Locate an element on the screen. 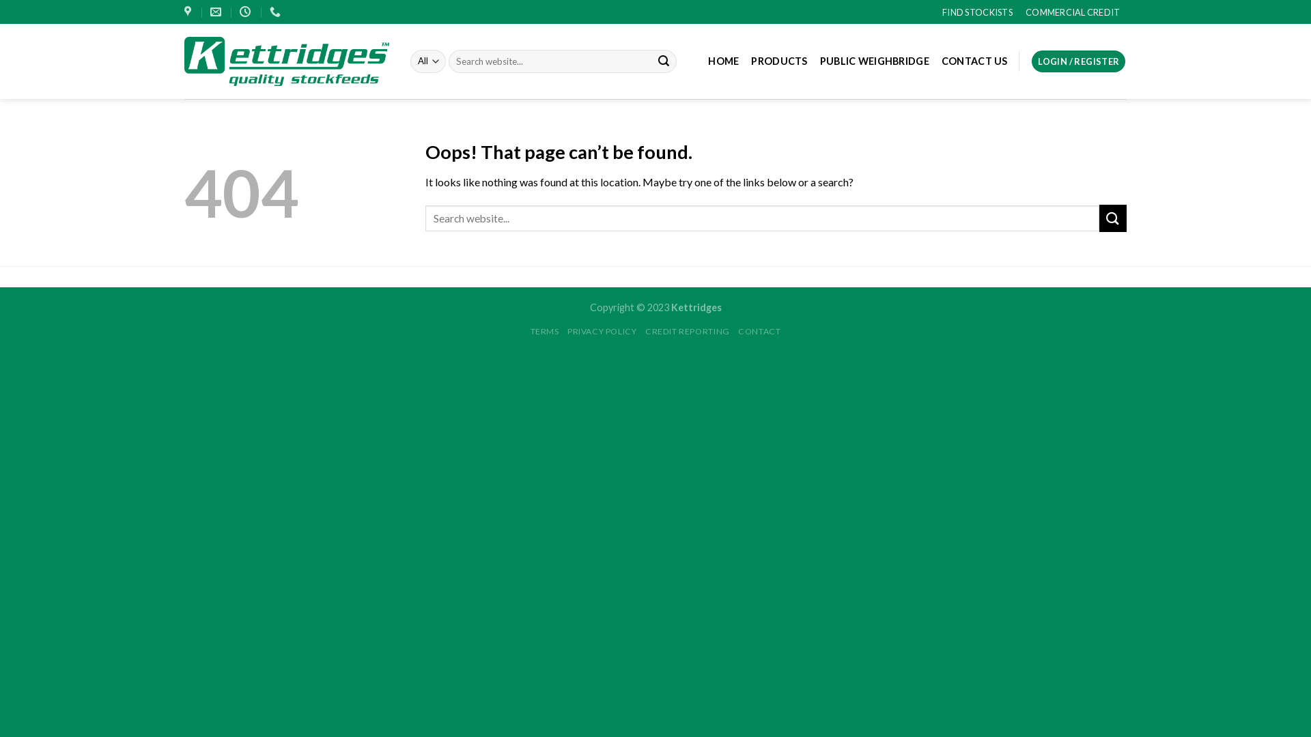 The width and height of the screenshot is (1311, 737). 'TERMS' is located at coordinates (544, 331).